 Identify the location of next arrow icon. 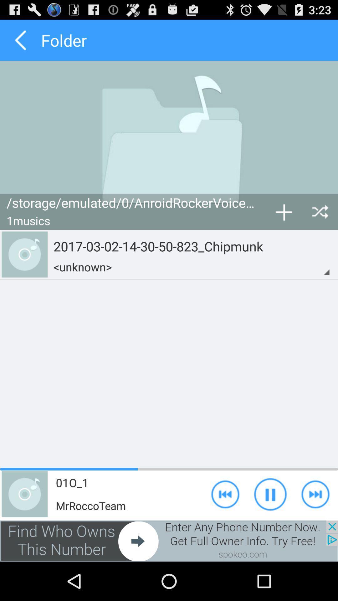
(315, 494).